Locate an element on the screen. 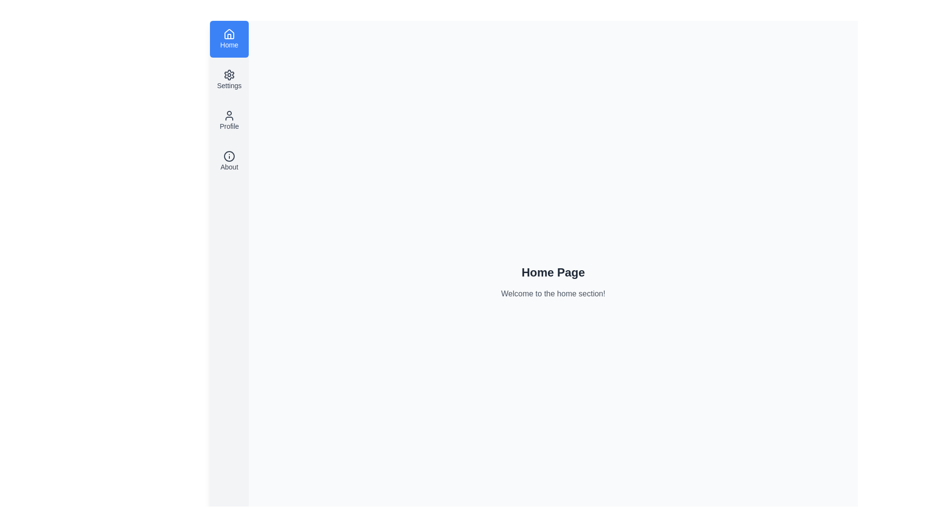 Image resolution: width=931 pixels, height=523 pixels. the sidebar menu option Settings is located at coordinates (229, 79).